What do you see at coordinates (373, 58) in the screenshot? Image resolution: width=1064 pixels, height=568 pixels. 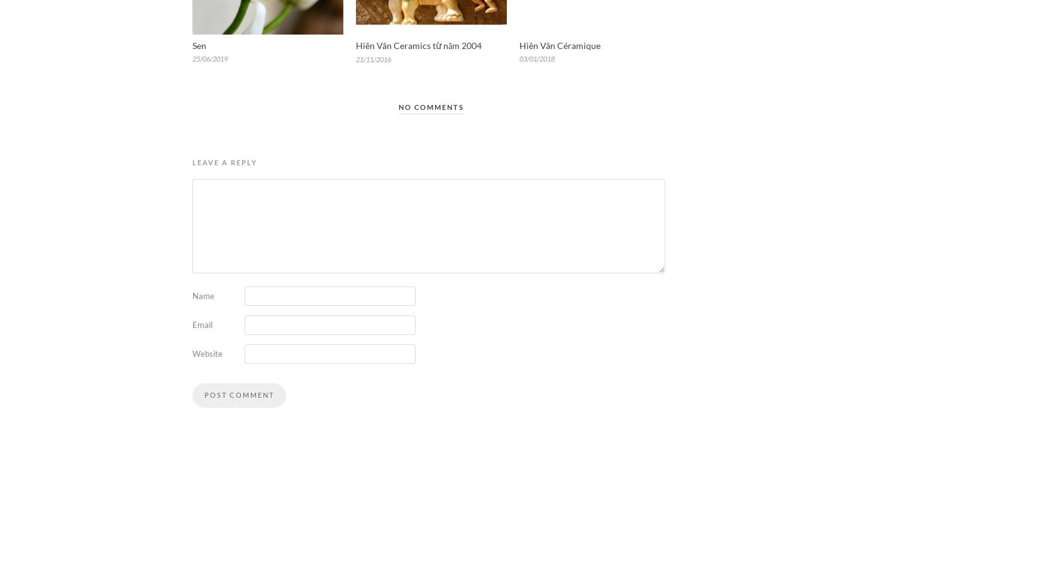 I see `'21/11/2016'` at bounding box center [373, 58].